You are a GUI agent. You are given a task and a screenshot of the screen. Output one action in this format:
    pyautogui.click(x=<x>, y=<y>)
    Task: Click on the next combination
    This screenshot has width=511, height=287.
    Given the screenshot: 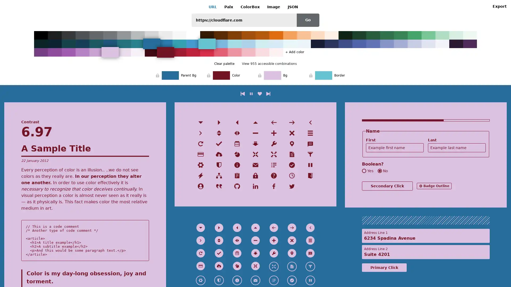 What is the action you would take?
    pyautogui.click(x=268, y=93)
    